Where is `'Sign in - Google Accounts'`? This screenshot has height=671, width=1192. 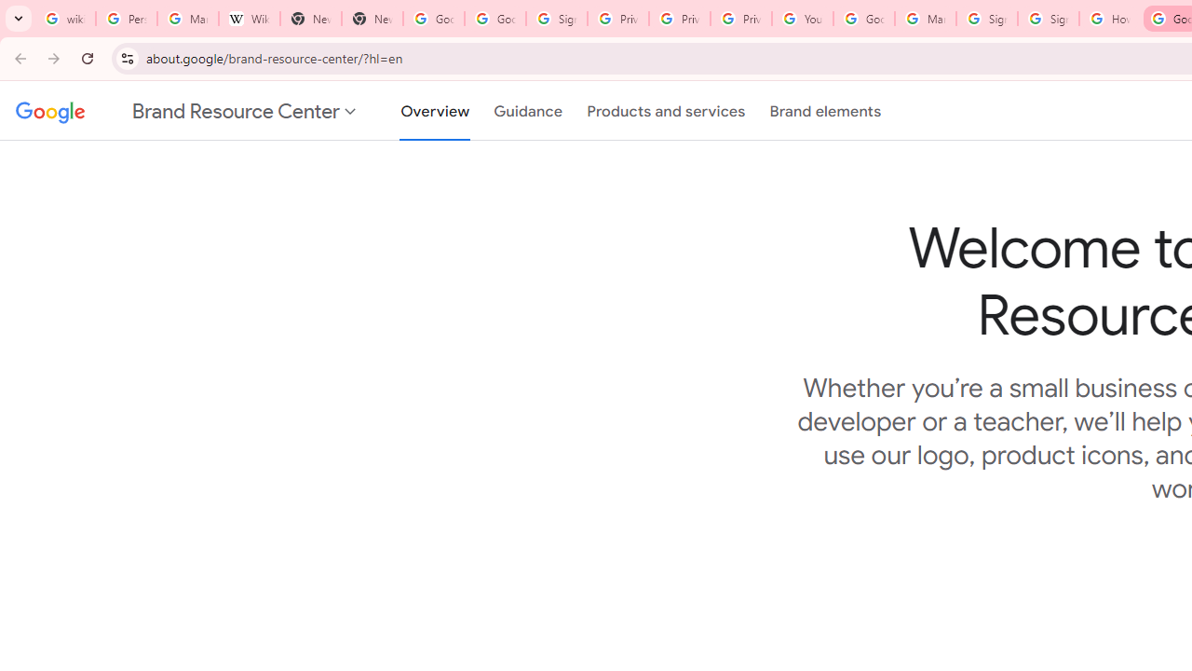 'Sign in - Google Accounts' is located at coordinates (985, 19).